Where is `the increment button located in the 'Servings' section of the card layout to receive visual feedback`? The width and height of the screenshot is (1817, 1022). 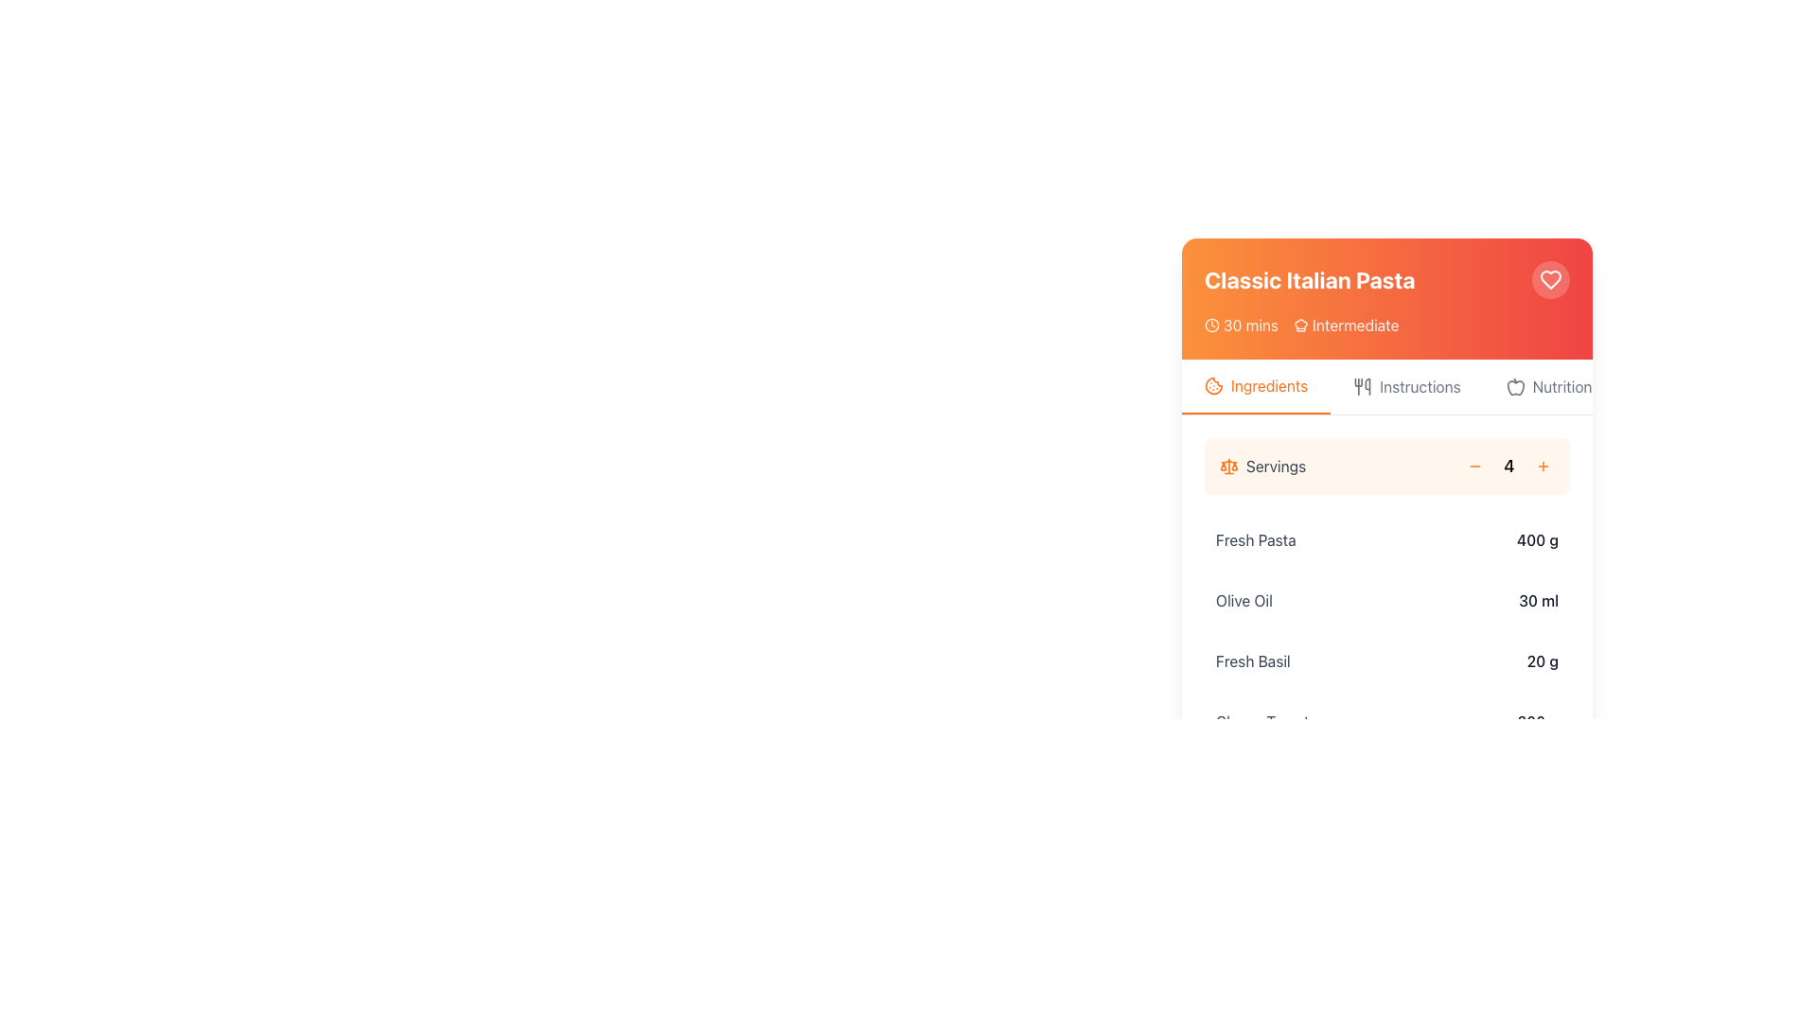
the increment button located in the 'Servings' section of the card layout to receive visual feedback is located at coordinates (1544, 467).